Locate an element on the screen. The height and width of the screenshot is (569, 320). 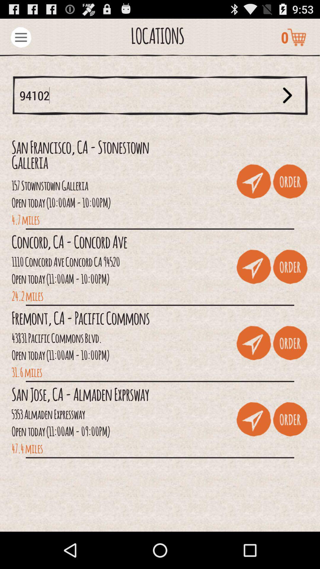
menu is located at coordinates (20, 37).